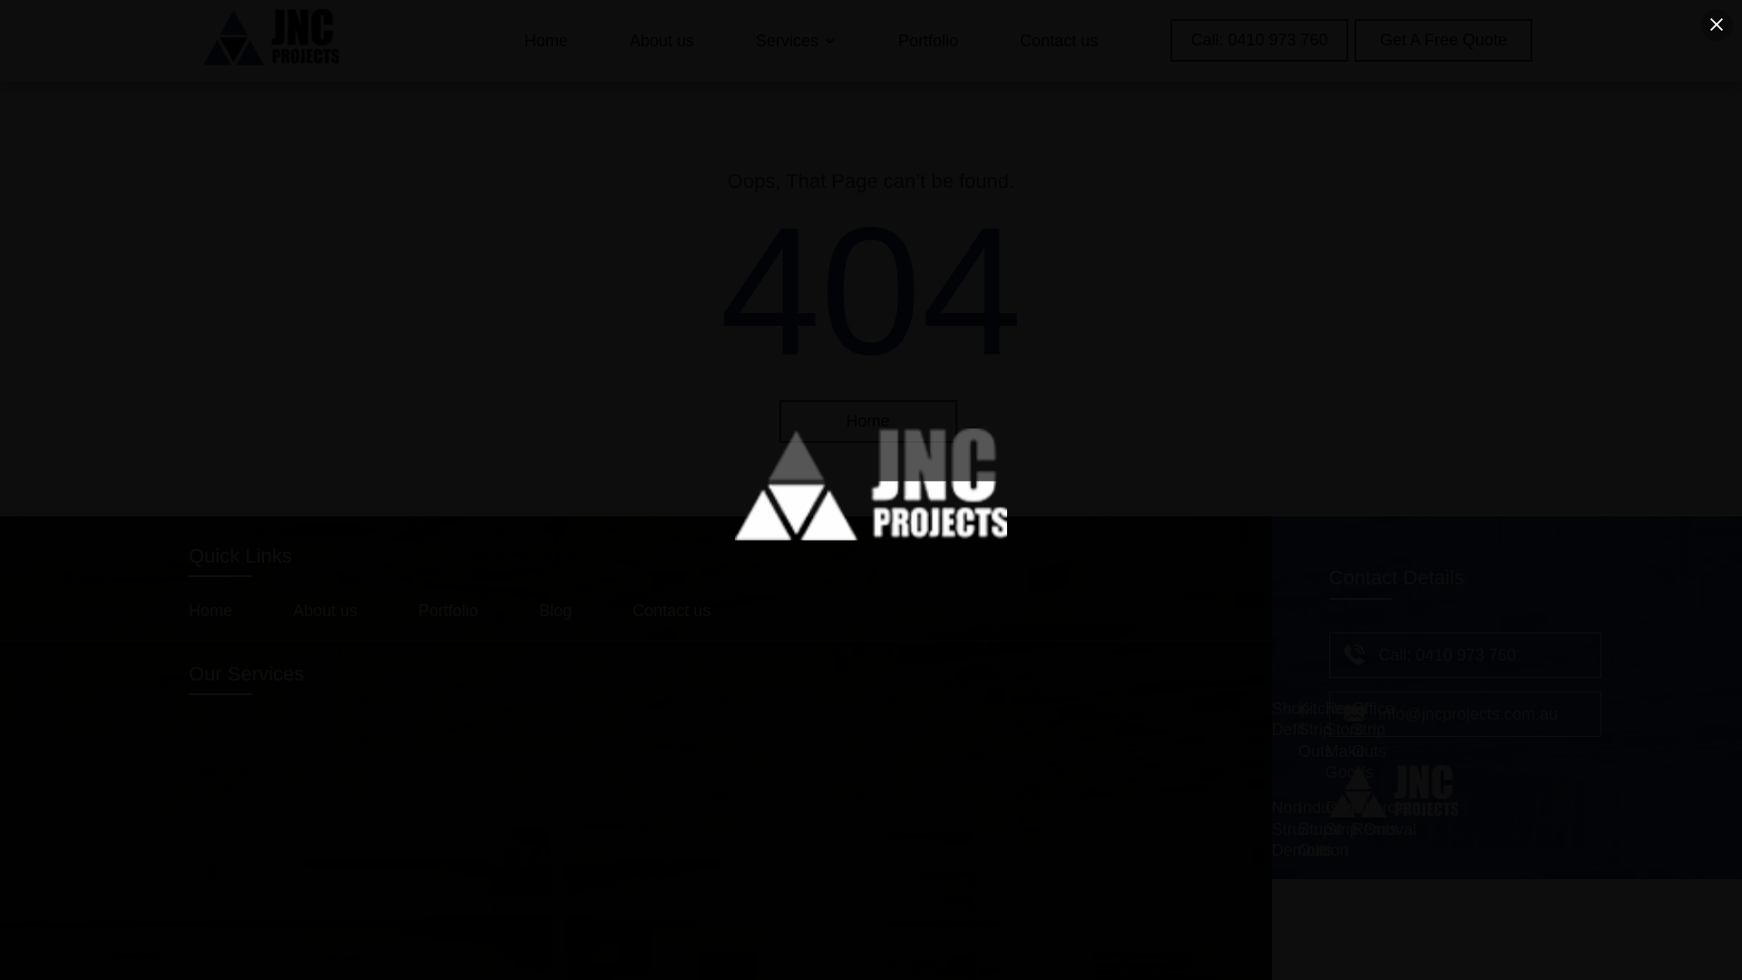 The height and width of the screenshot is (980, 1742). I want to click on 'Call: 0410 973 760', so click(1446, 654).